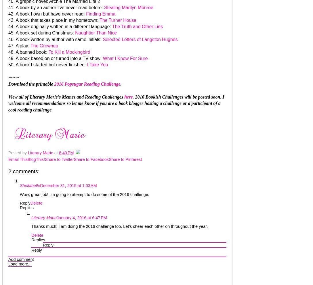 This screenshot has width=313, height=285. I want to click on '42. A book I own but have never read:', so click(8, 14).